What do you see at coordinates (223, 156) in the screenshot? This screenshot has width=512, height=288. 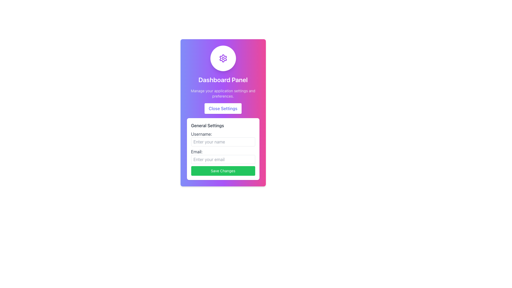 I see `the second label in the 'General Settings' section that indicates the input field for entering an email address` at bounding box center [223, 156].